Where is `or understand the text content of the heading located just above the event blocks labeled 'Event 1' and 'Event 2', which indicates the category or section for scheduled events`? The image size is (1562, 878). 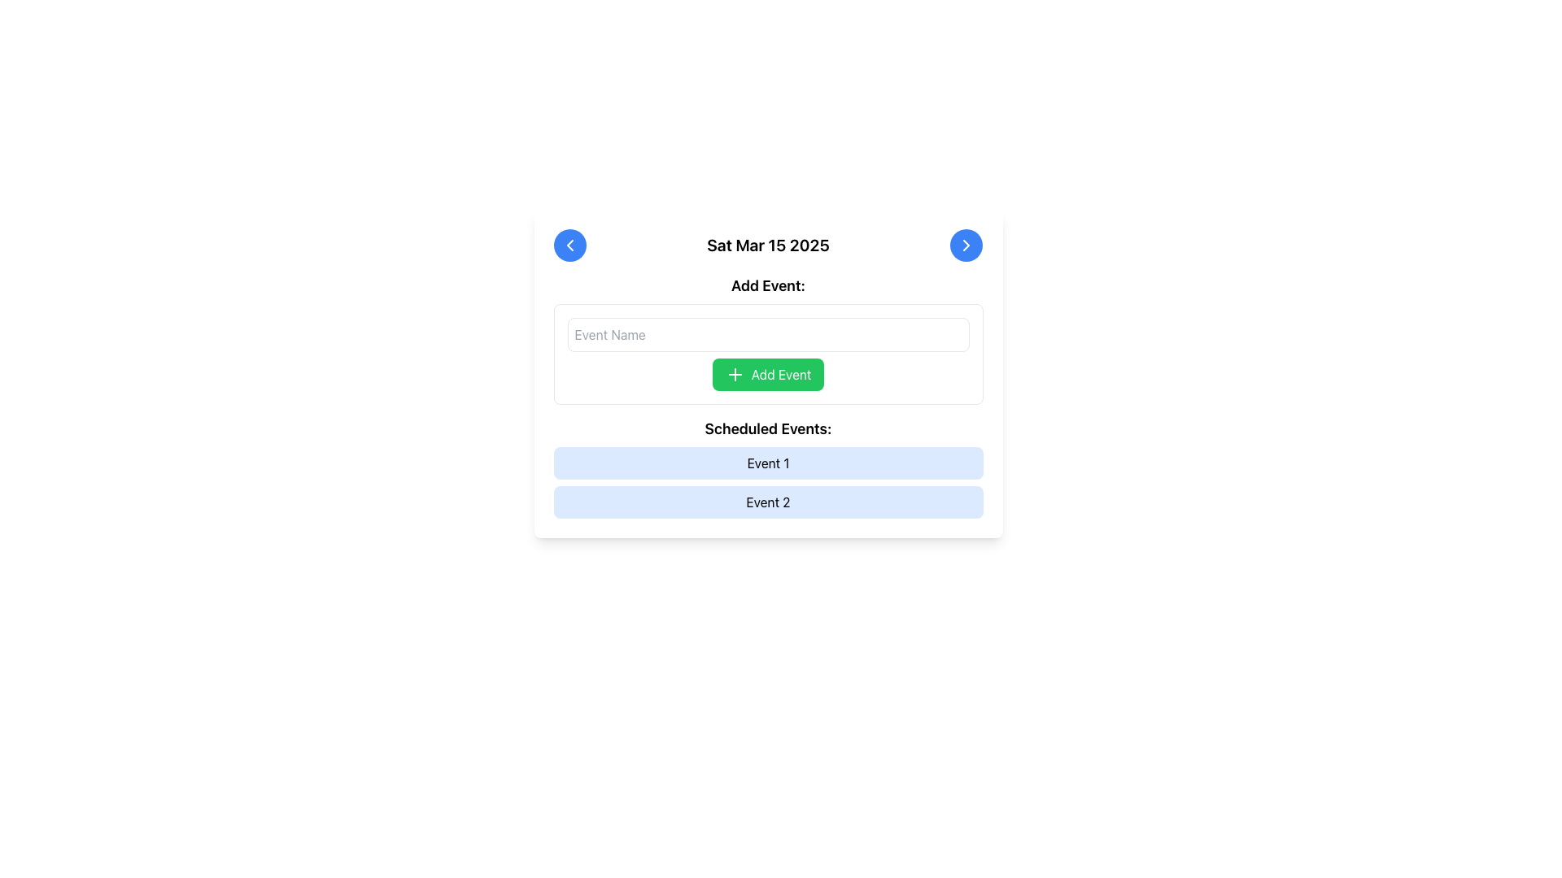 or understand the text content of the heading located just above the event blocks labeled 'Event 1' and 'Event 2', which indicates the category or section for scheduled events is located at coordinates (767, 428).